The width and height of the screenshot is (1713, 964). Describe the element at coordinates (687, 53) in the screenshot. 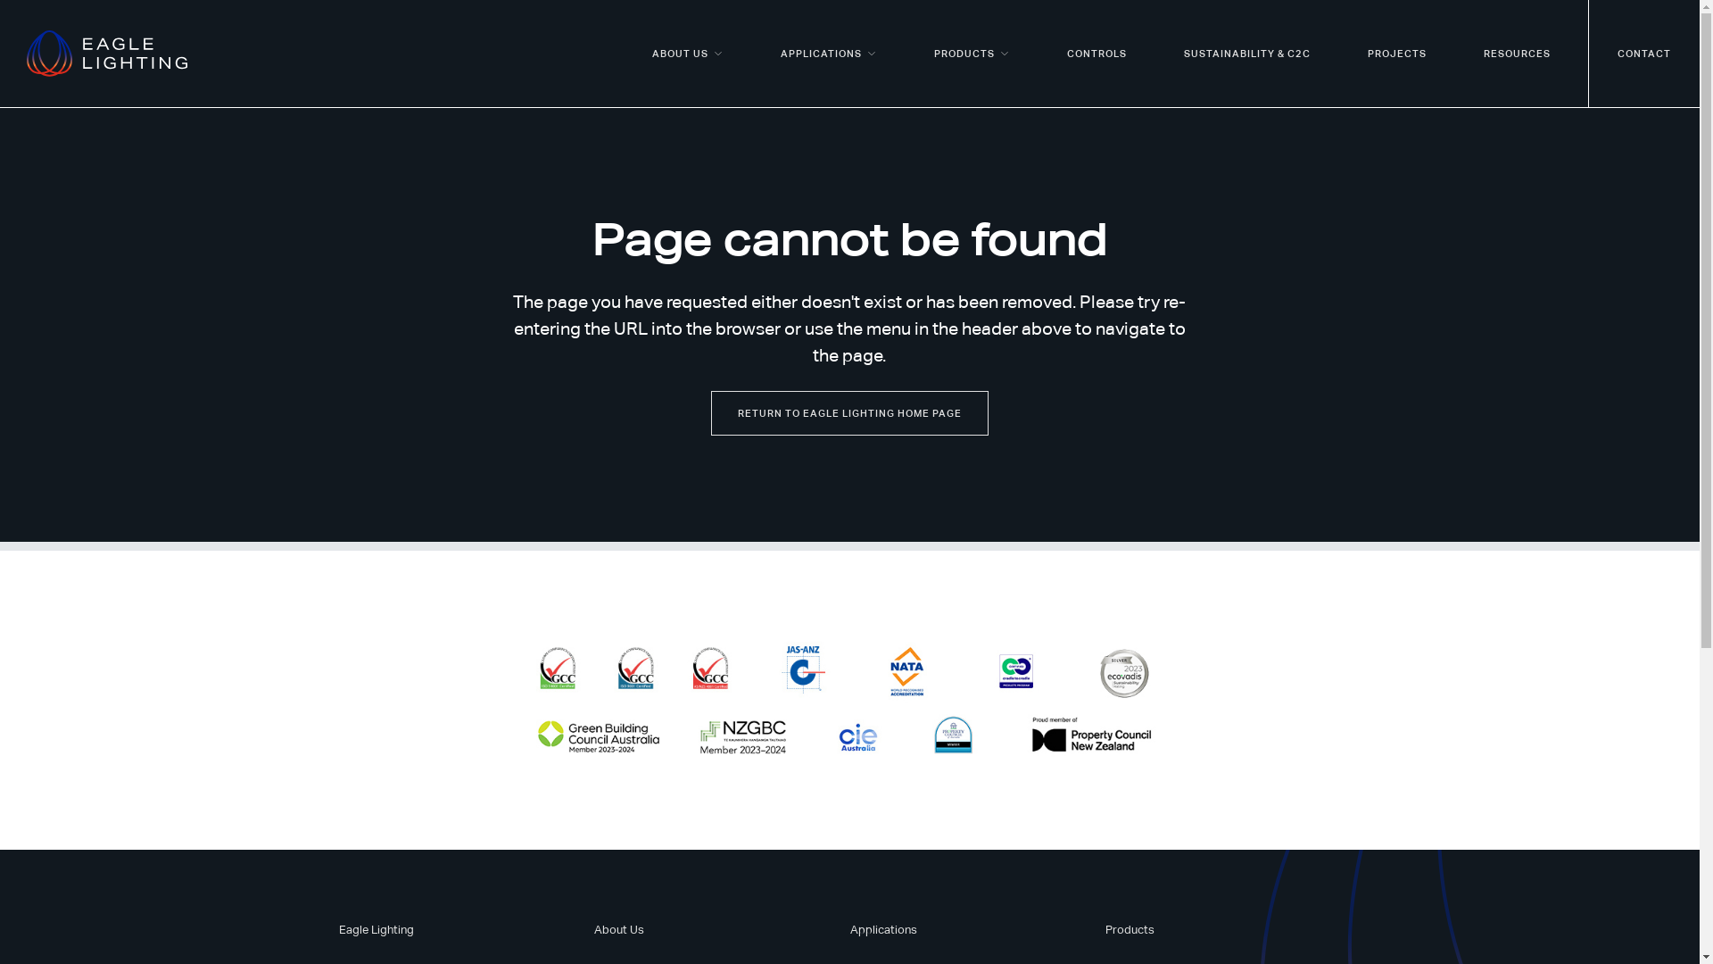

I see `'ABOUT US'` at that location.